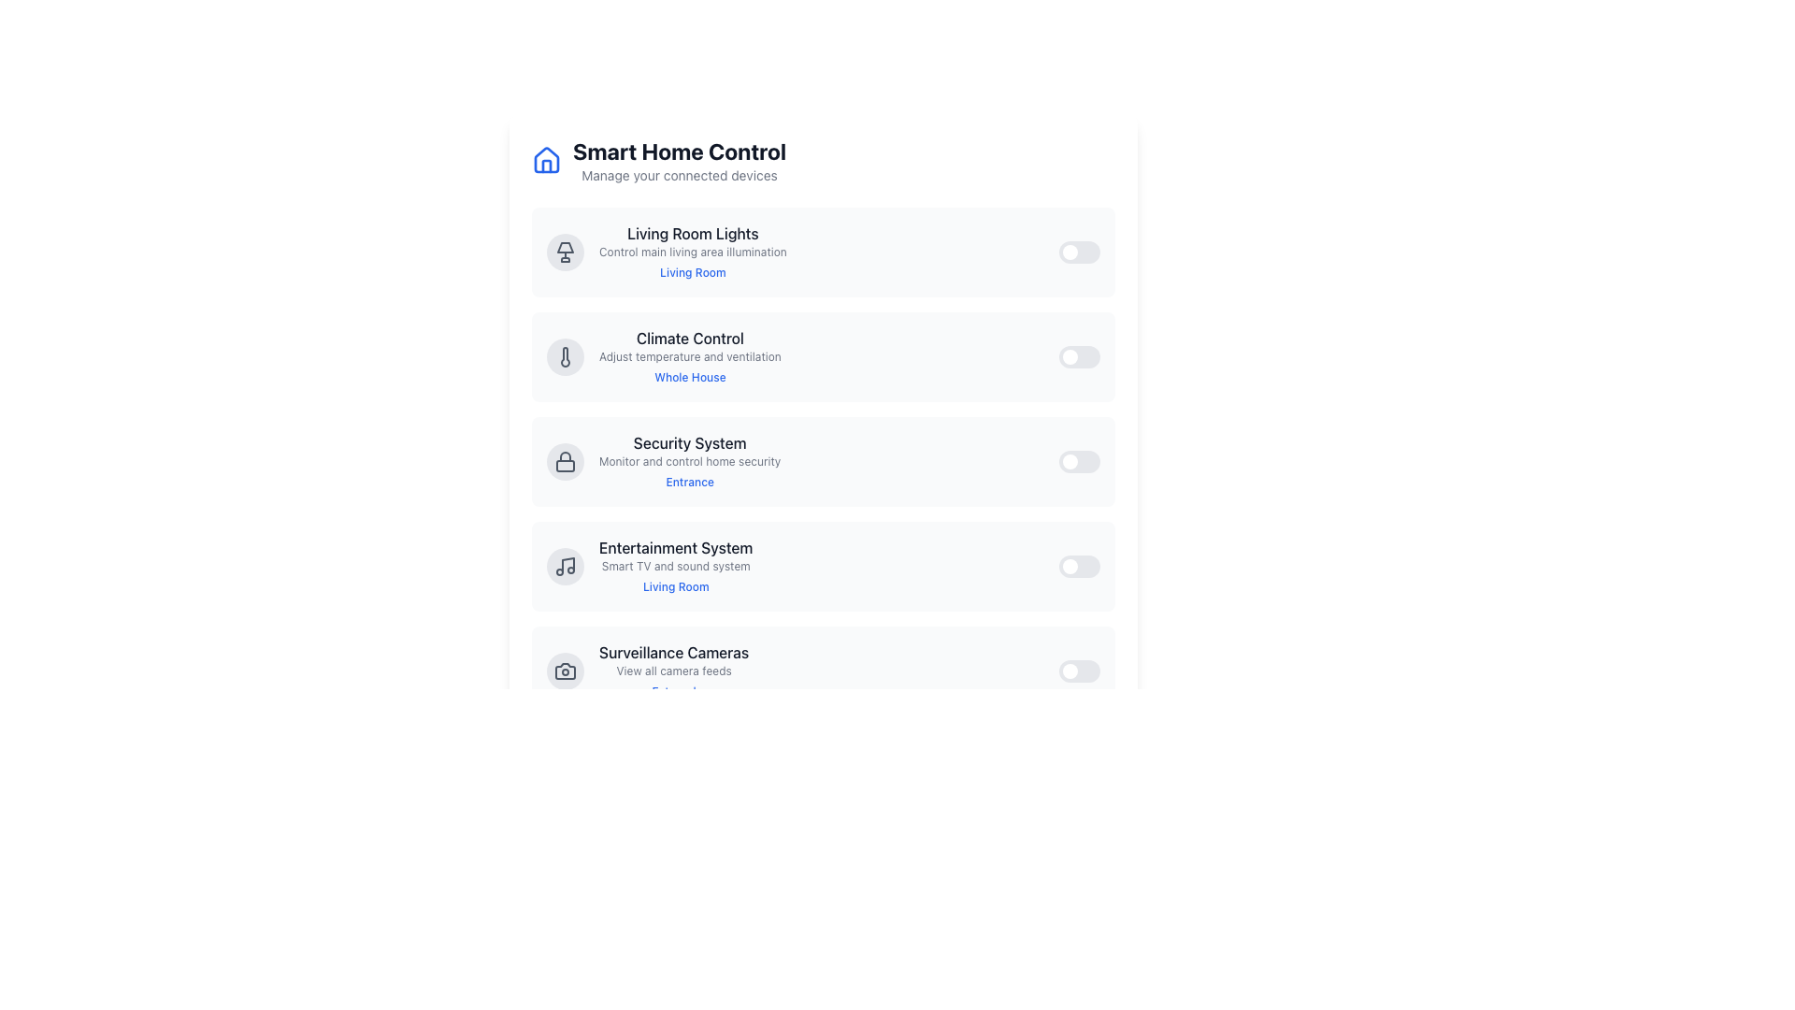 The image size is (1795, 1010). I want to click on text of the static label that serves as a section heading for the surveillance camera controls, positioned above the 'View all camera feeds' label, so click(673, 652).